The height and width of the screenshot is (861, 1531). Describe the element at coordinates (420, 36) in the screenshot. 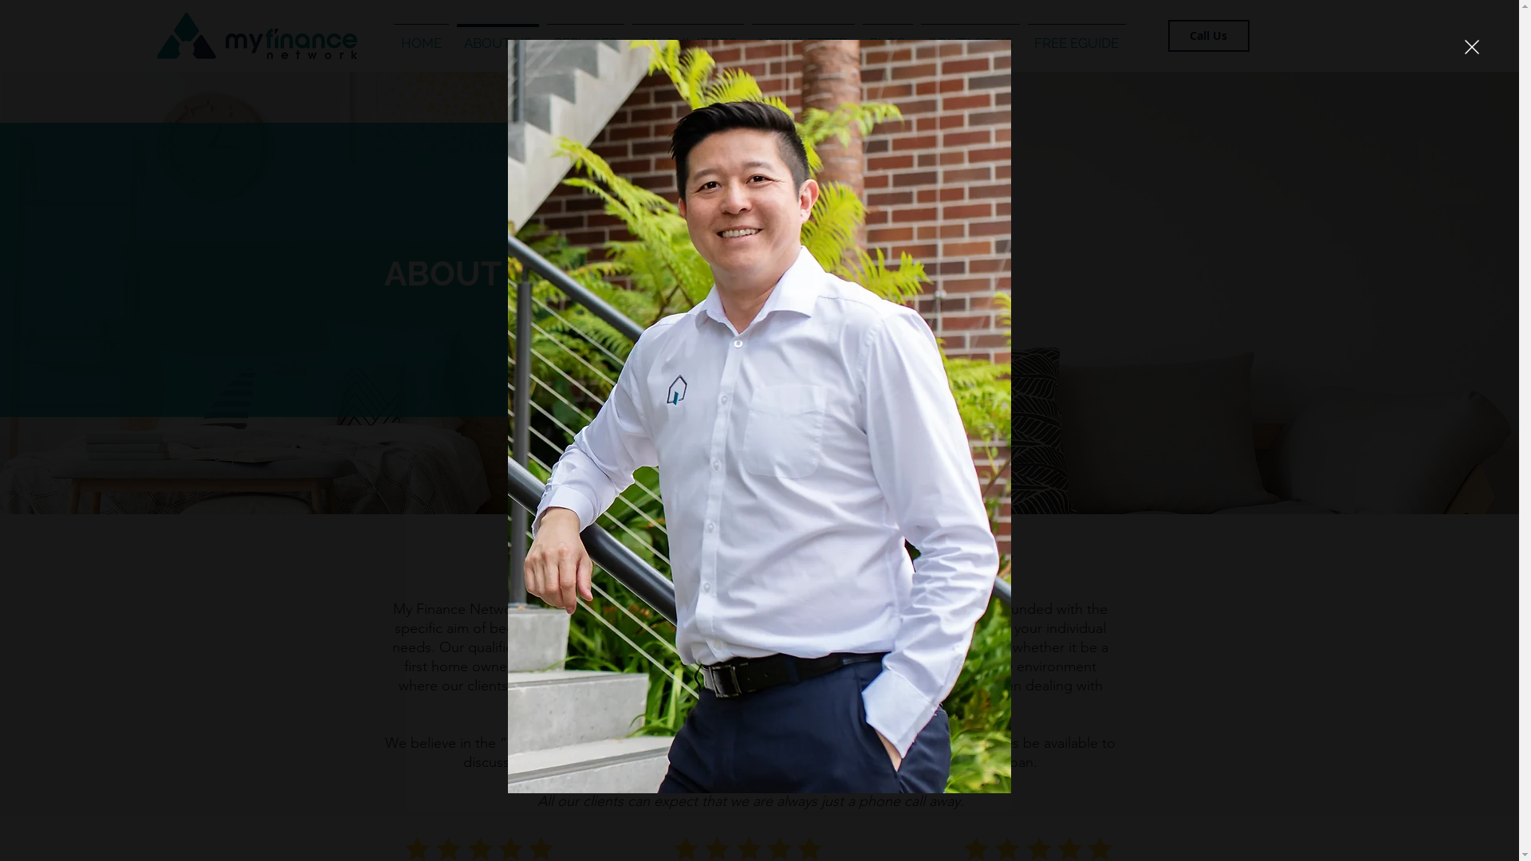

I see `'HOME'` at that location.